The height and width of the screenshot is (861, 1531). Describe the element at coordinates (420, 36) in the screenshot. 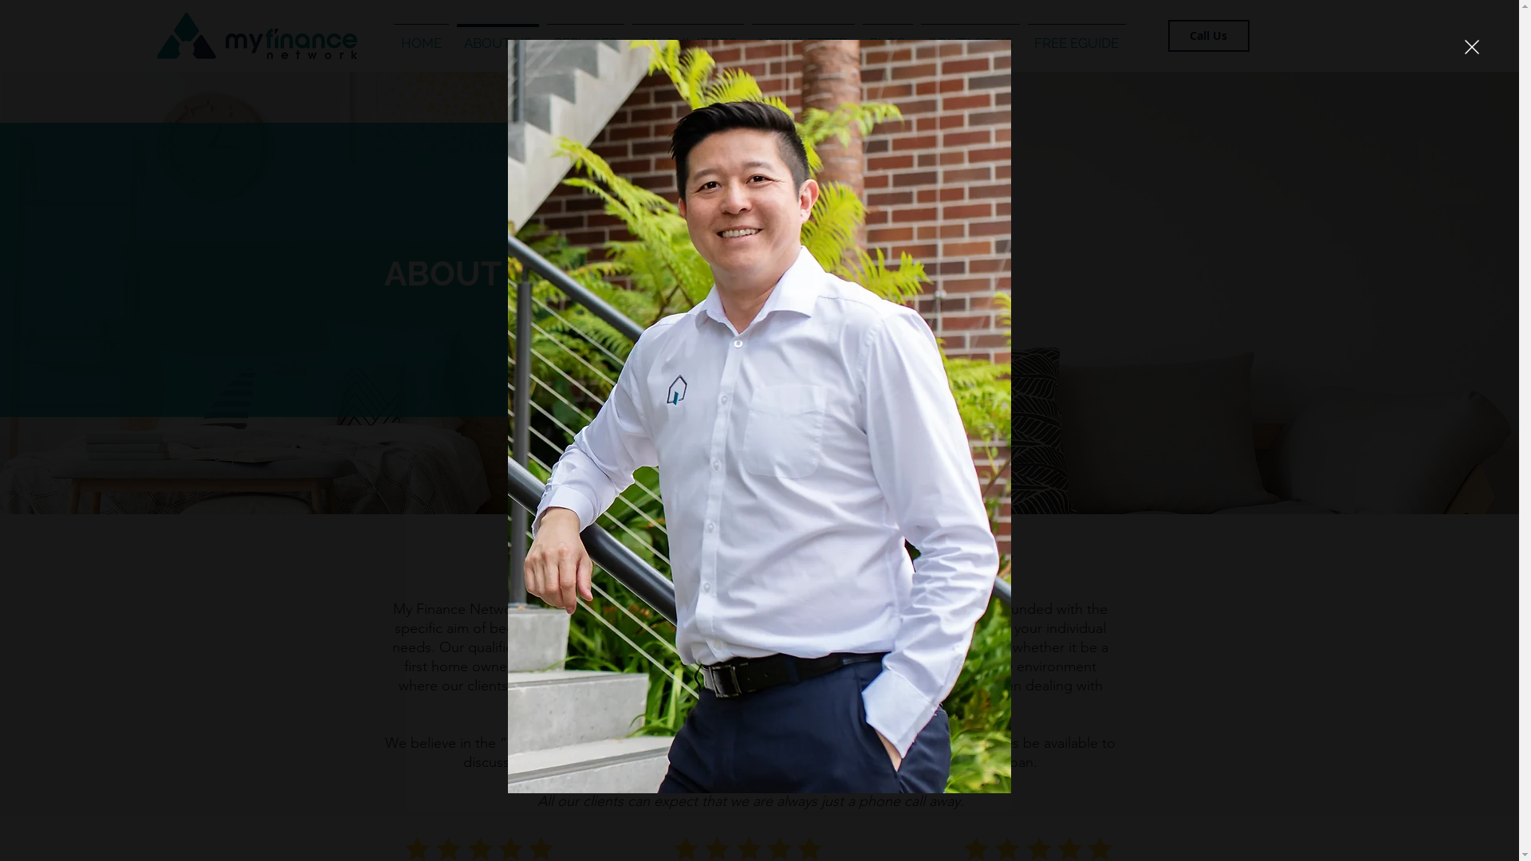

I see `'HOME'` at that location.